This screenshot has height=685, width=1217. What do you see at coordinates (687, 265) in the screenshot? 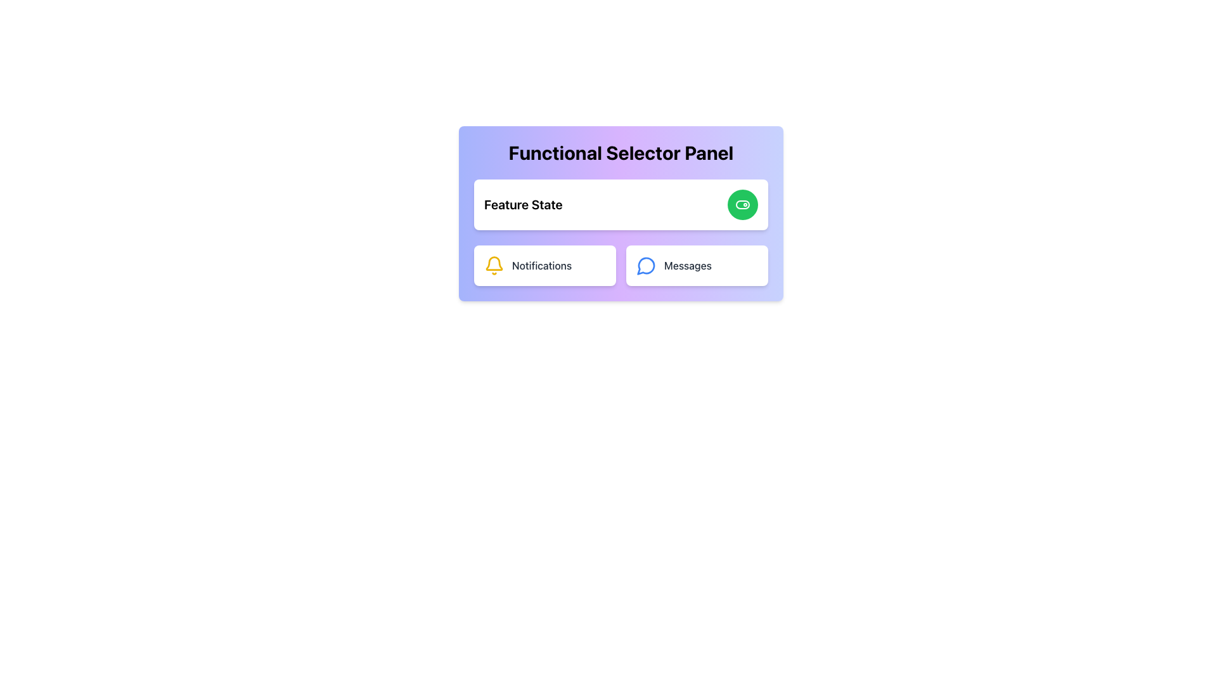
I see `the 'Messages' text label located in the bottom-right section of the panel, which serves as a section header for messaging functionality` at bounding box center [687, 265].